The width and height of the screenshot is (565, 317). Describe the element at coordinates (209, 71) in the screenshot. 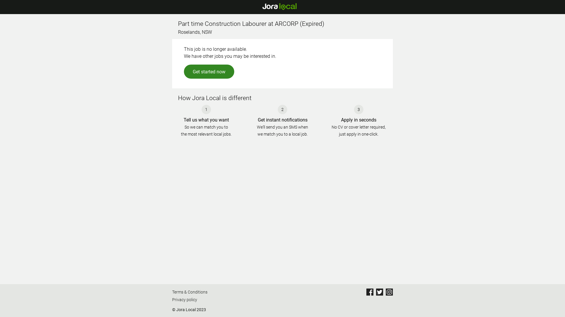

I see `'Get started now'` at that location.